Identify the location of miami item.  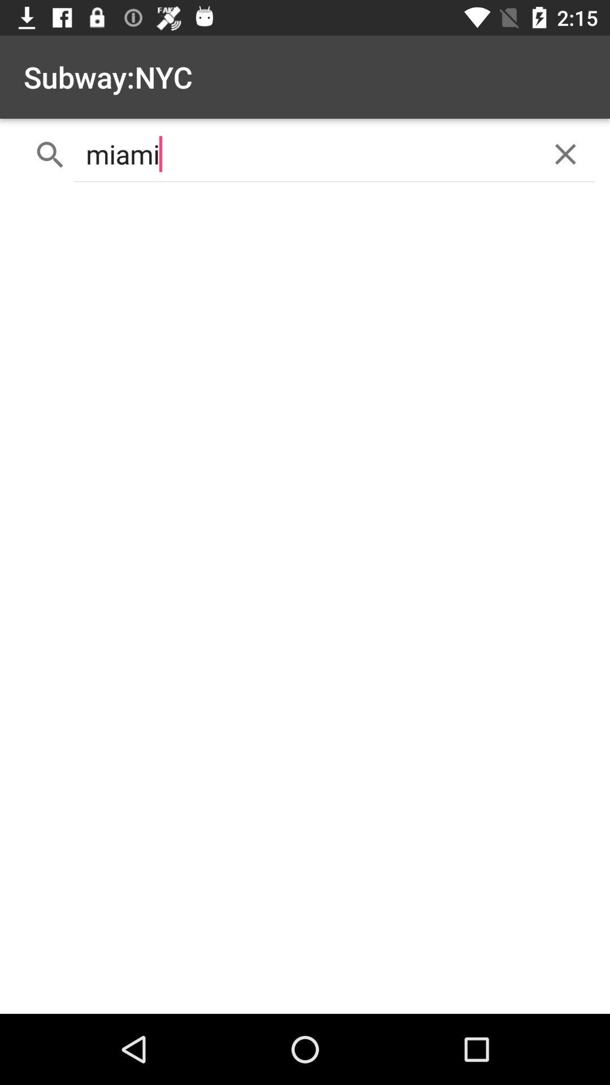
(305, 154).